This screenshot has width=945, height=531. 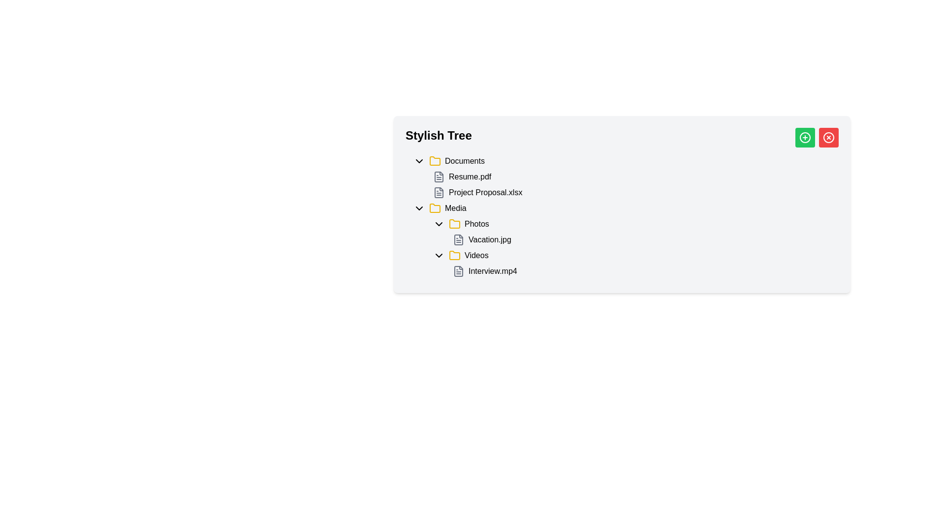 I want to click on the label representing the file 'Project Proposal.xlsx' in the 'Stylish Tree' file explorer, so click(x=485, y=193).